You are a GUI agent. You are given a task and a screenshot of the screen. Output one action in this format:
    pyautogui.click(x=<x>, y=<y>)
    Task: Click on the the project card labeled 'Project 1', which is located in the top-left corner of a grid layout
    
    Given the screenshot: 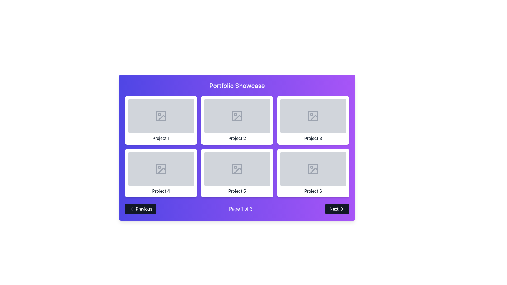 What is the action you would take?
    pyautogui.click(x=161, y=120)
    